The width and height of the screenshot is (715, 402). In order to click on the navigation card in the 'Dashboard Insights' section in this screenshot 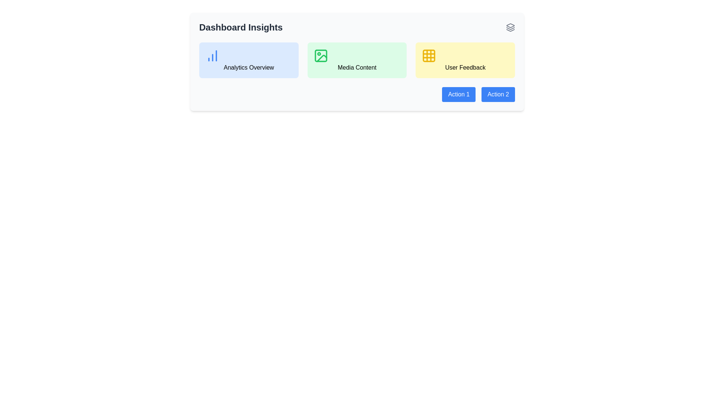, I will do `click(357, 61)`.